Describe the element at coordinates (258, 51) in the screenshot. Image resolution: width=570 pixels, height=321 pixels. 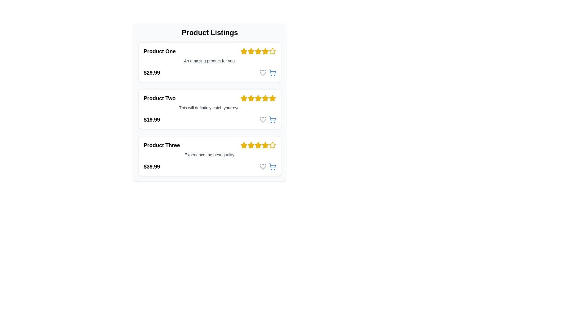
I see `the fourth yellow star icon` at that location.